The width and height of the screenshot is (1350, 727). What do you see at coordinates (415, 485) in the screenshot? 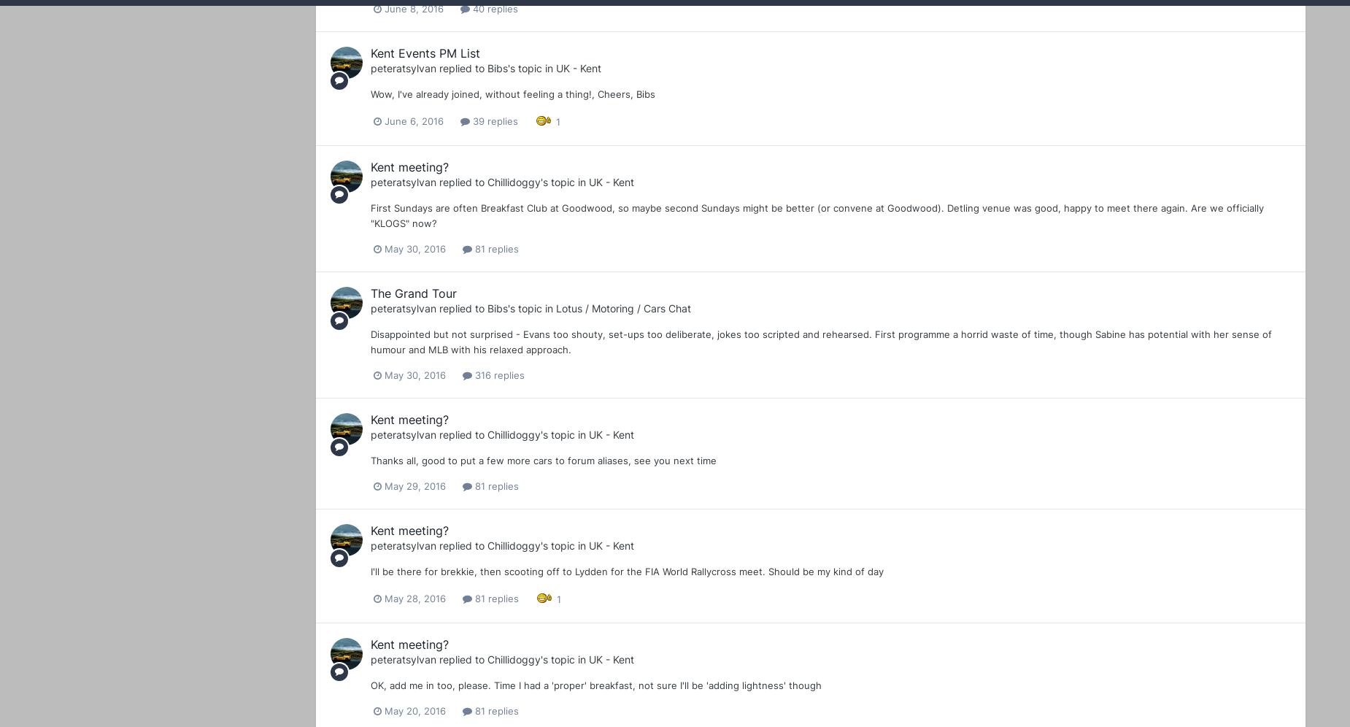
I see `'May 29, 2016'` at bounding box center [415, 485].